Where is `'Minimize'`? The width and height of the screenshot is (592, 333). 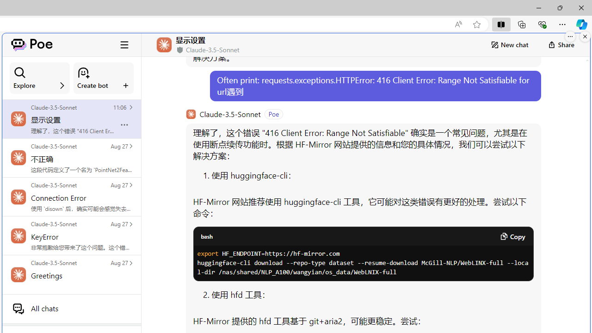 'Minimize' is located at coordinates (538, 7).